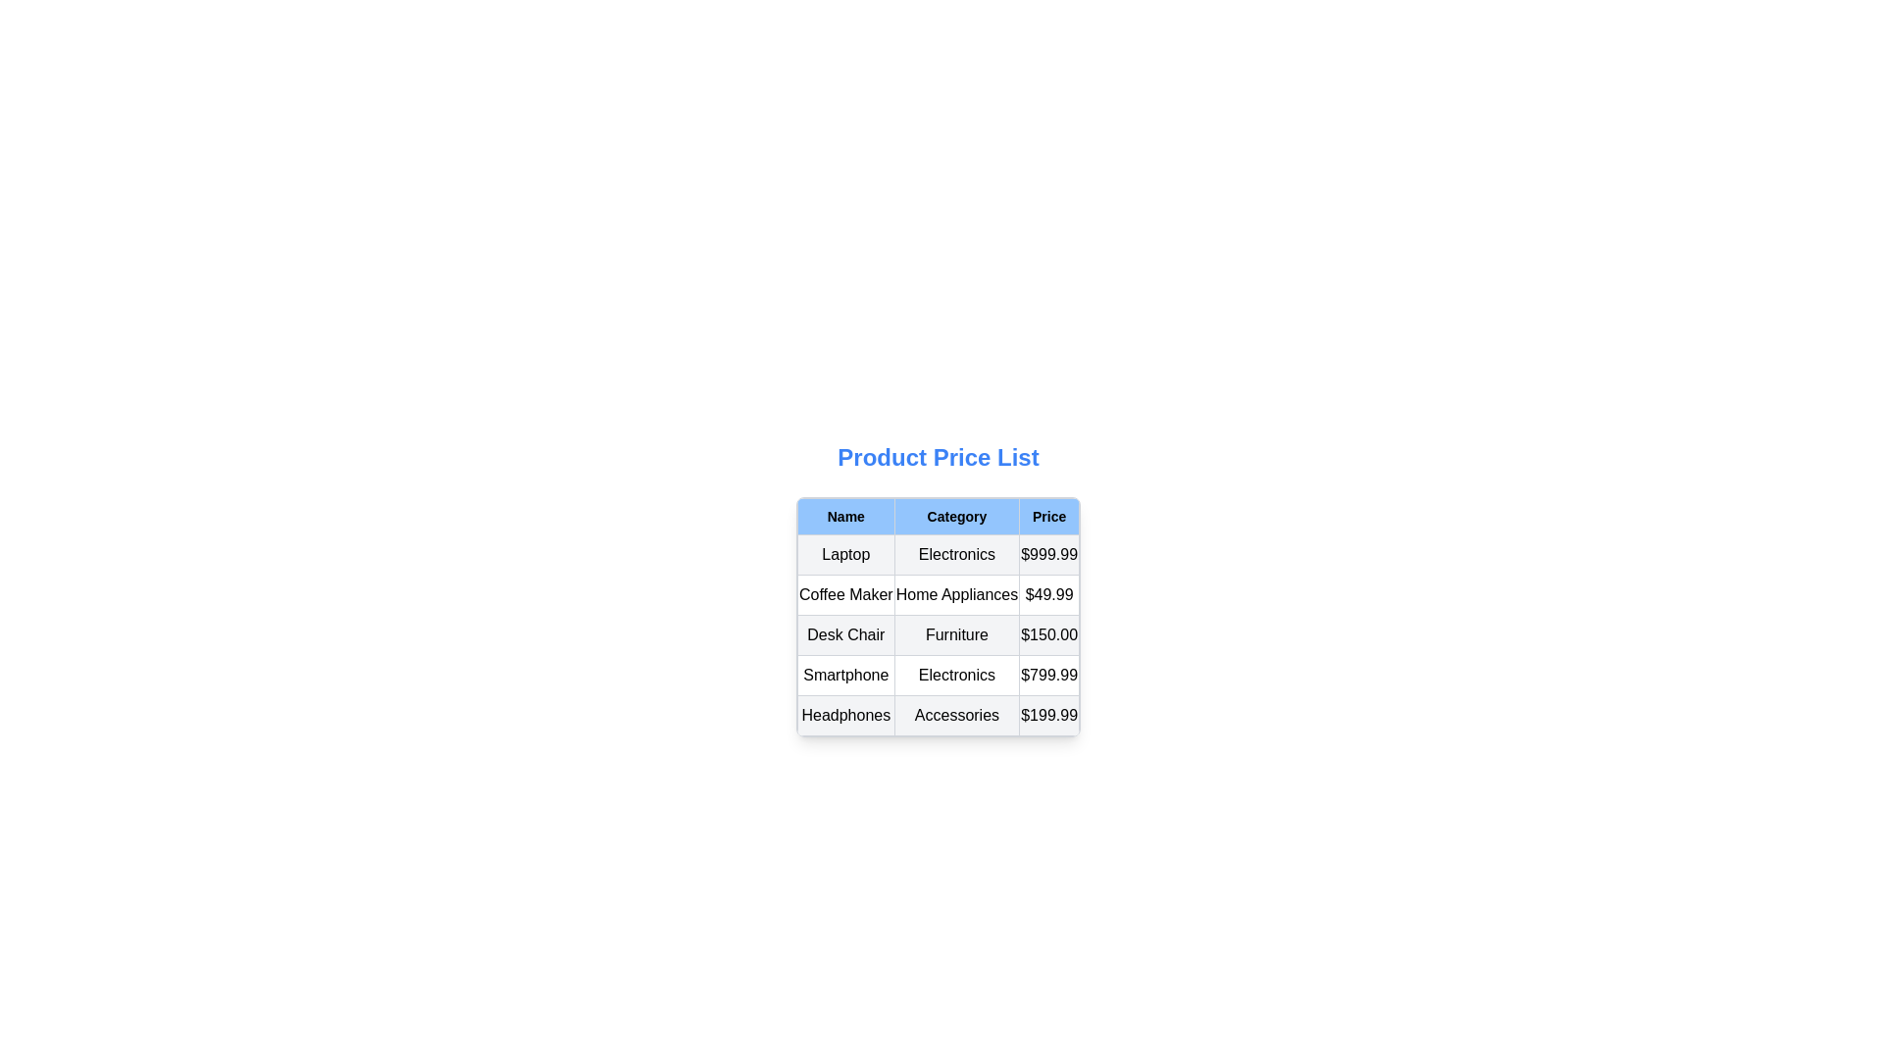  What do you see at coordinates (845, 715) in the screenshot?
I see `text displayed in the Text label element that shows 'Headphones', which is located in the last row of the table under the 'Name' column` at bounding box center [845, 715].